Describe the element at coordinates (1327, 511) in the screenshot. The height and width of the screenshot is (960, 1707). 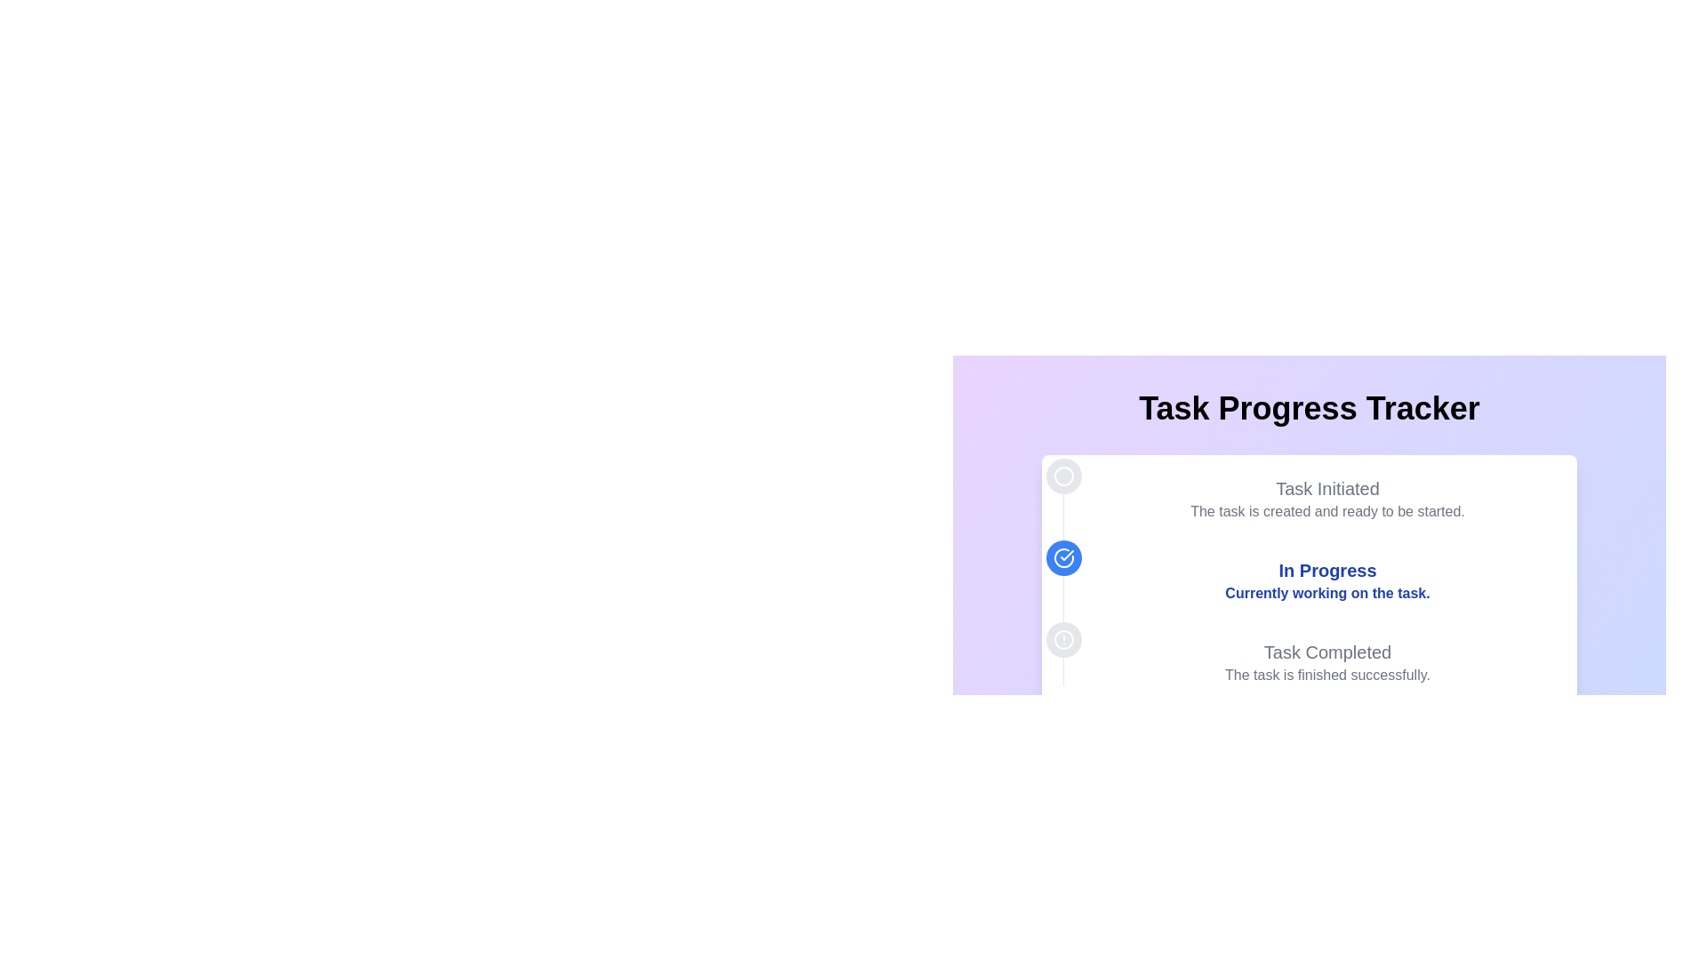
I see `the text snippet that reads 'The task is created and ready to be started.', which is located beneath the 'Task Initiated' text and is centered within the section` at that location.